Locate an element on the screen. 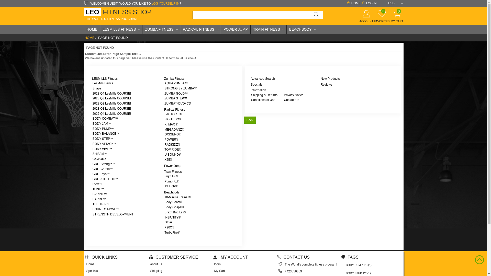 This screenshot has width=491, height=276. 'New Products' is located at coordinates (330, 79).